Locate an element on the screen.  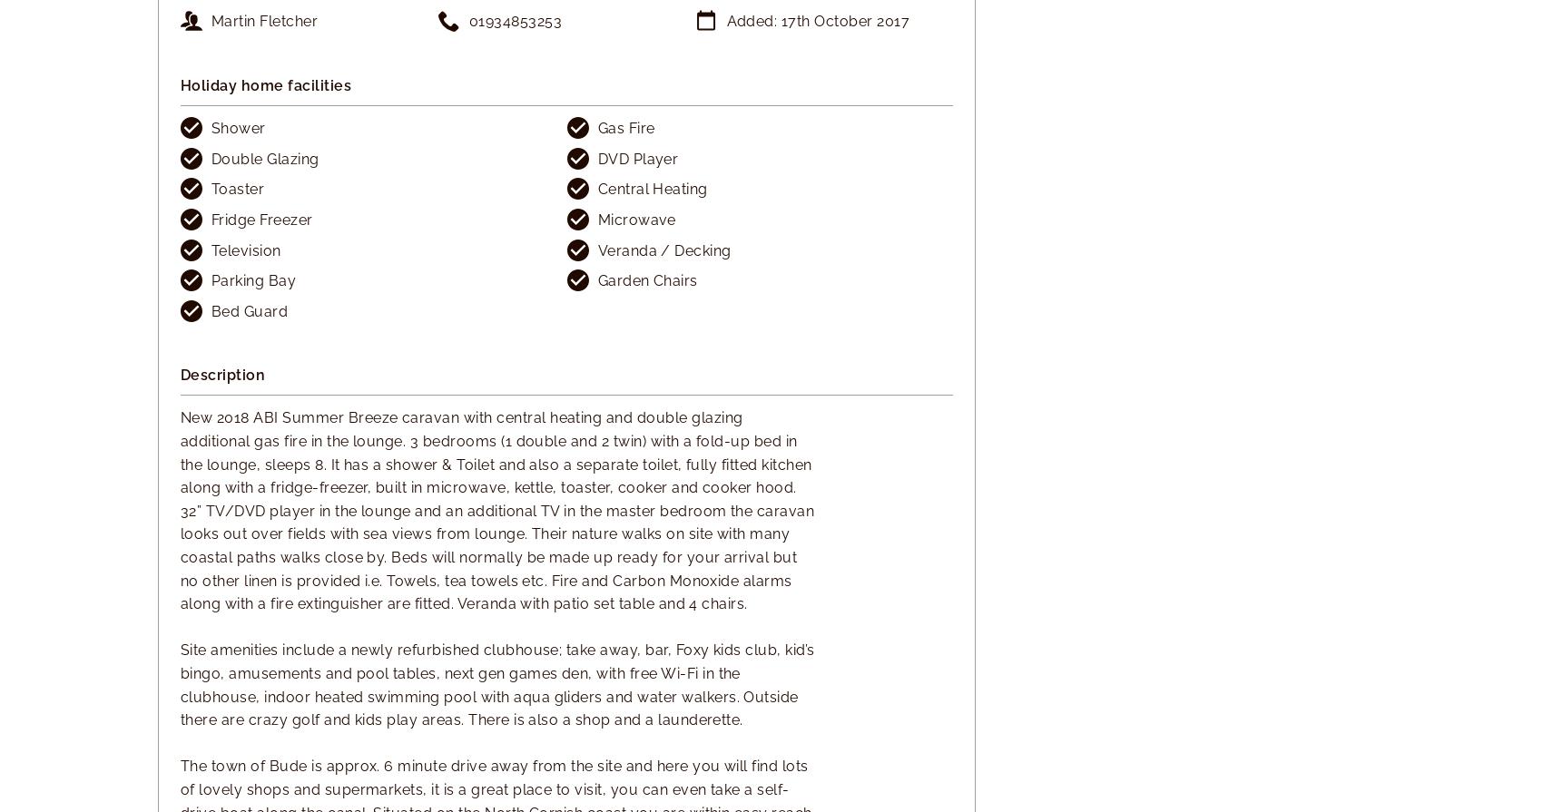
'Holiday home facilities' is located at coordinates (266, 84).